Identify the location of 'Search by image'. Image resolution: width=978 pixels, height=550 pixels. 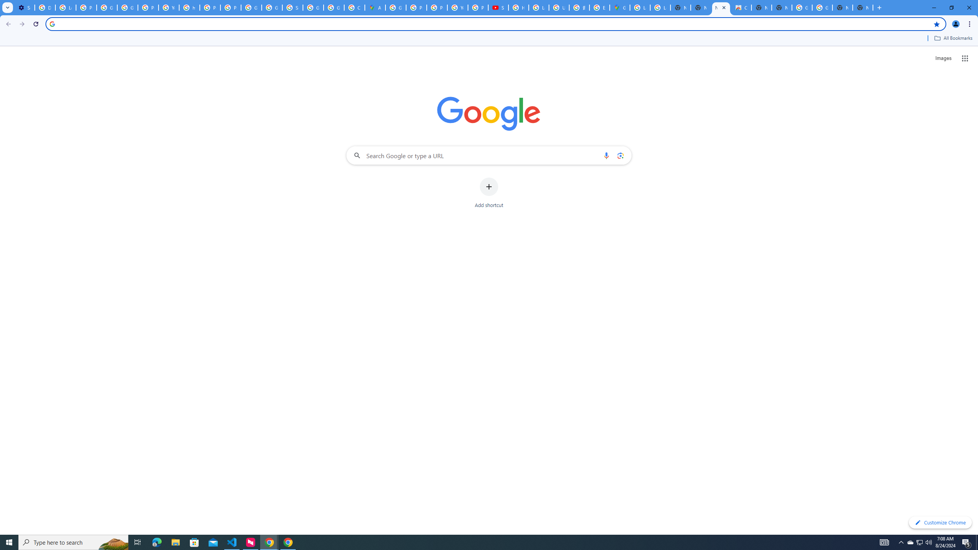
(620, 155).